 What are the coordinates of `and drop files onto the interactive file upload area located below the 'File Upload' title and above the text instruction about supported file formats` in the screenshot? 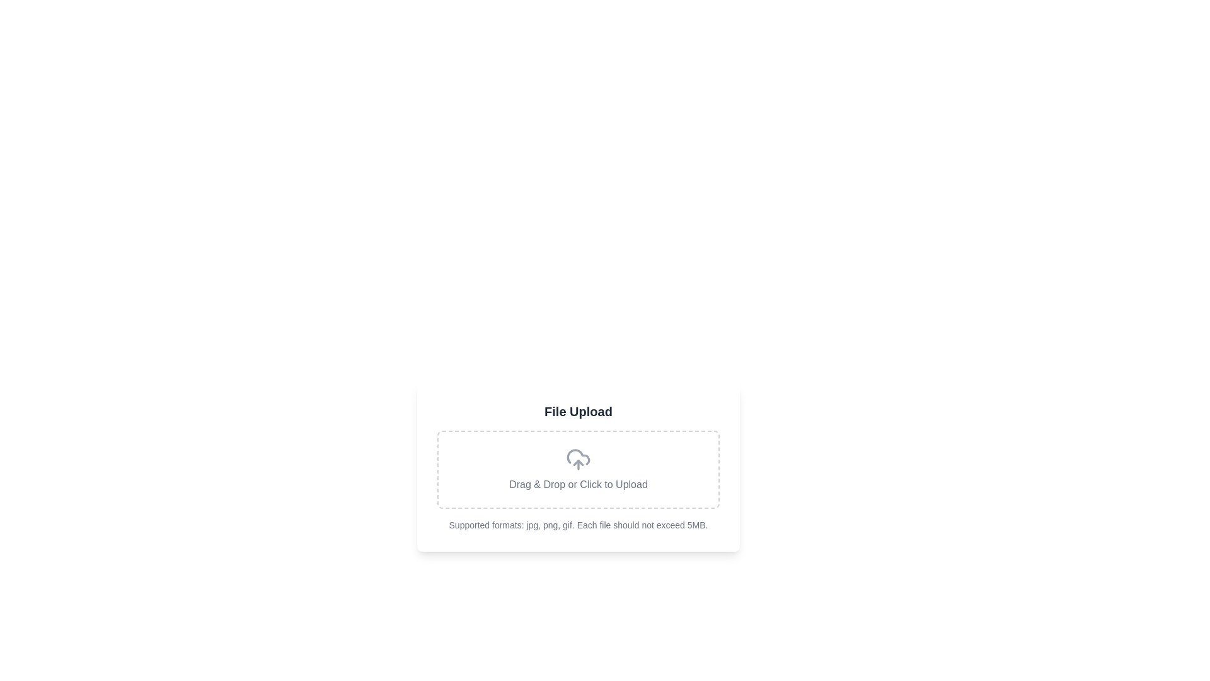 It's located at (577, 469).